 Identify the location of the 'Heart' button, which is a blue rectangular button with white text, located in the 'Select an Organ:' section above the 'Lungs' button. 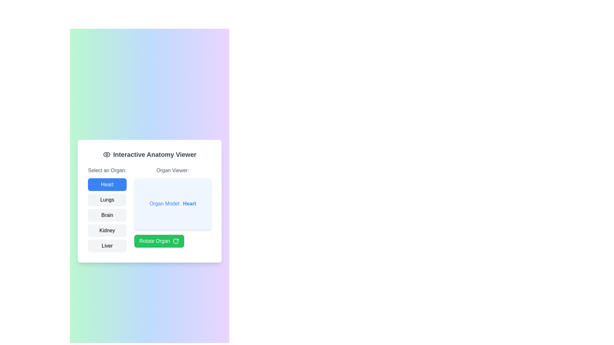
(107, 185).